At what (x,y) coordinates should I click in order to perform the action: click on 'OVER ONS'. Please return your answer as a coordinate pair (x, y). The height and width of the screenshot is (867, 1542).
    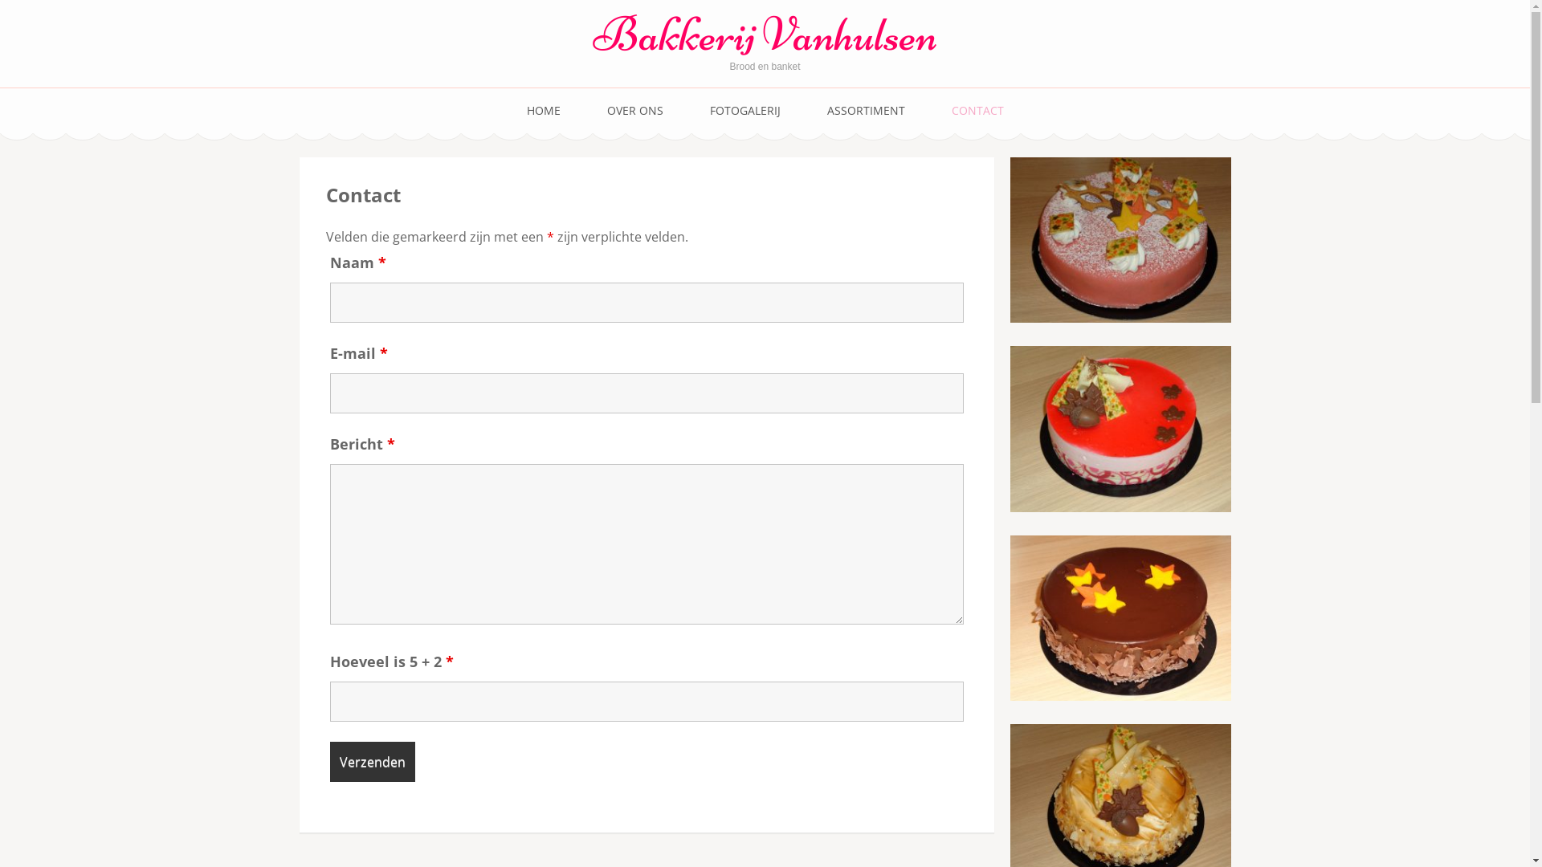
    Looking at the image, I should click on (634, 110).